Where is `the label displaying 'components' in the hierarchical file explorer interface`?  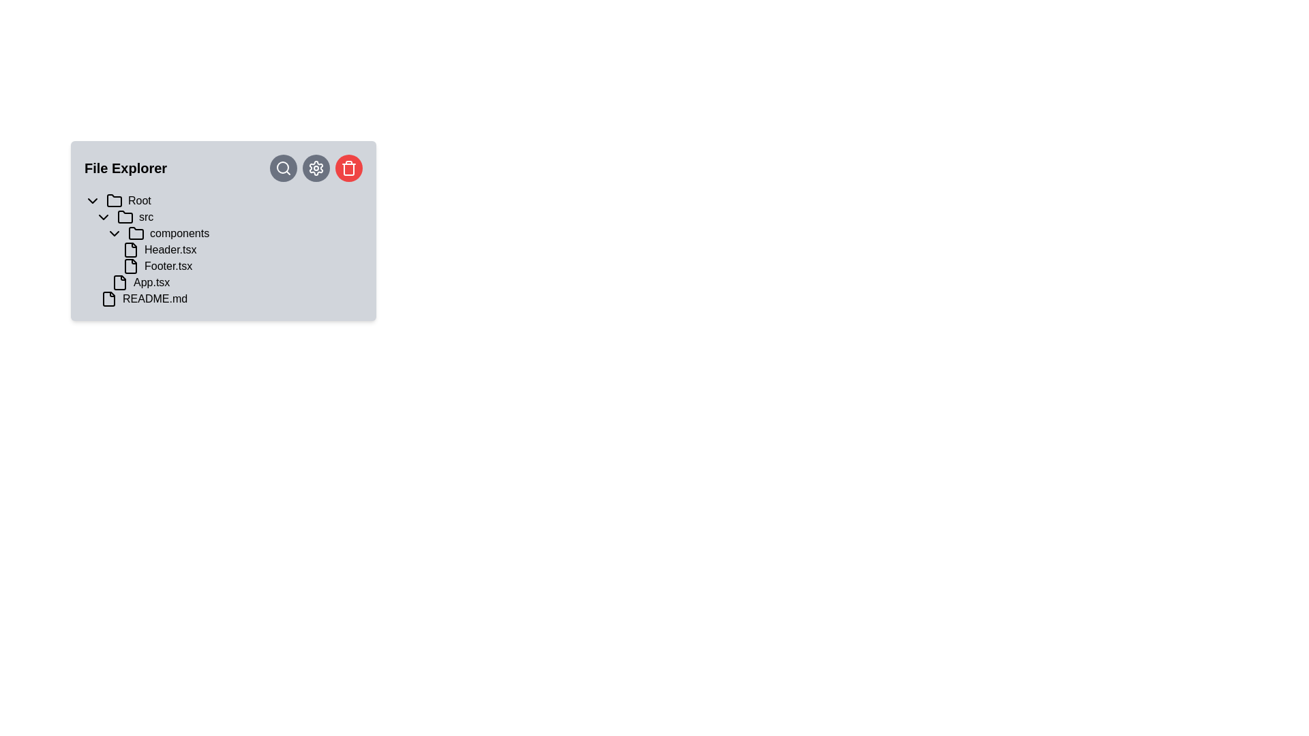 the label displaying 'components' in the hierarchical file explorer interface is located at coordinates (179, 233).